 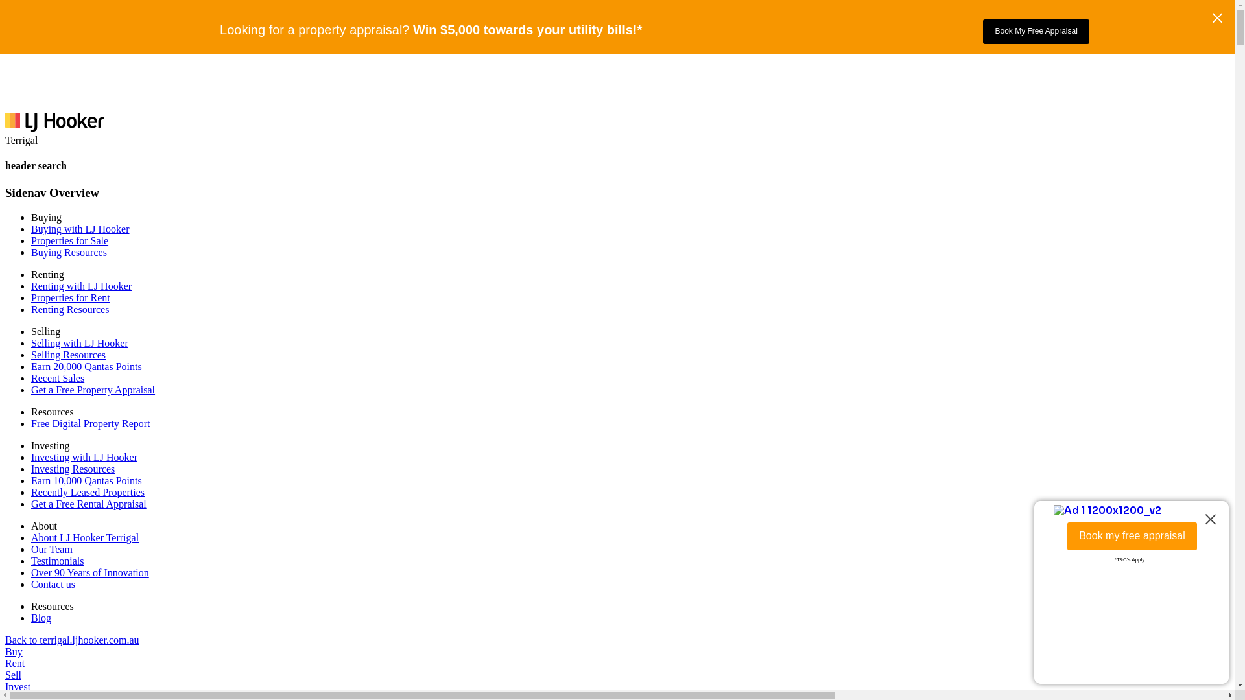 I want to click on 'Investing with LJ Hooker', so click(x=83, y=456).